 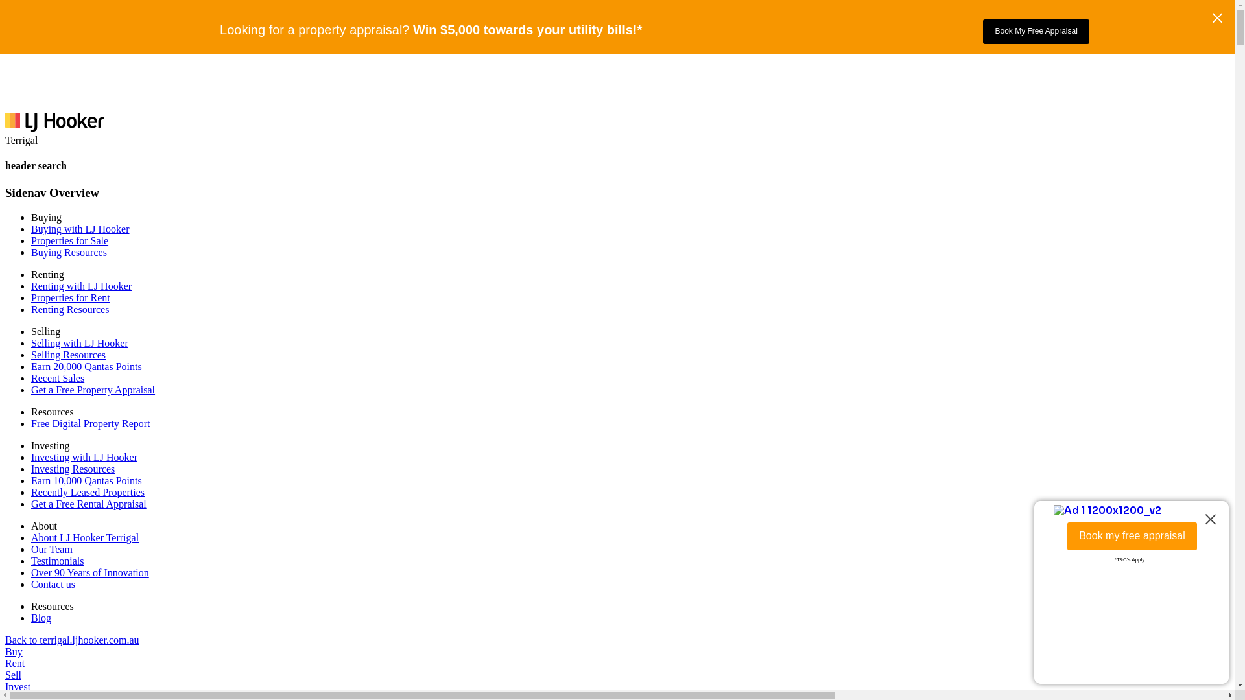 I want to click on 'Investing with LJ Hooker', so click(x=83, y=456).